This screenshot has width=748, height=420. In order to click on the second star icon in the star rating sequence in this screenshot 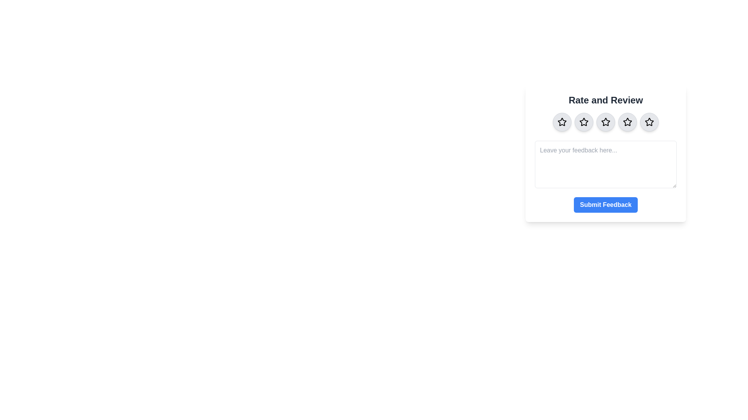, I will do `click(584, 122)`.